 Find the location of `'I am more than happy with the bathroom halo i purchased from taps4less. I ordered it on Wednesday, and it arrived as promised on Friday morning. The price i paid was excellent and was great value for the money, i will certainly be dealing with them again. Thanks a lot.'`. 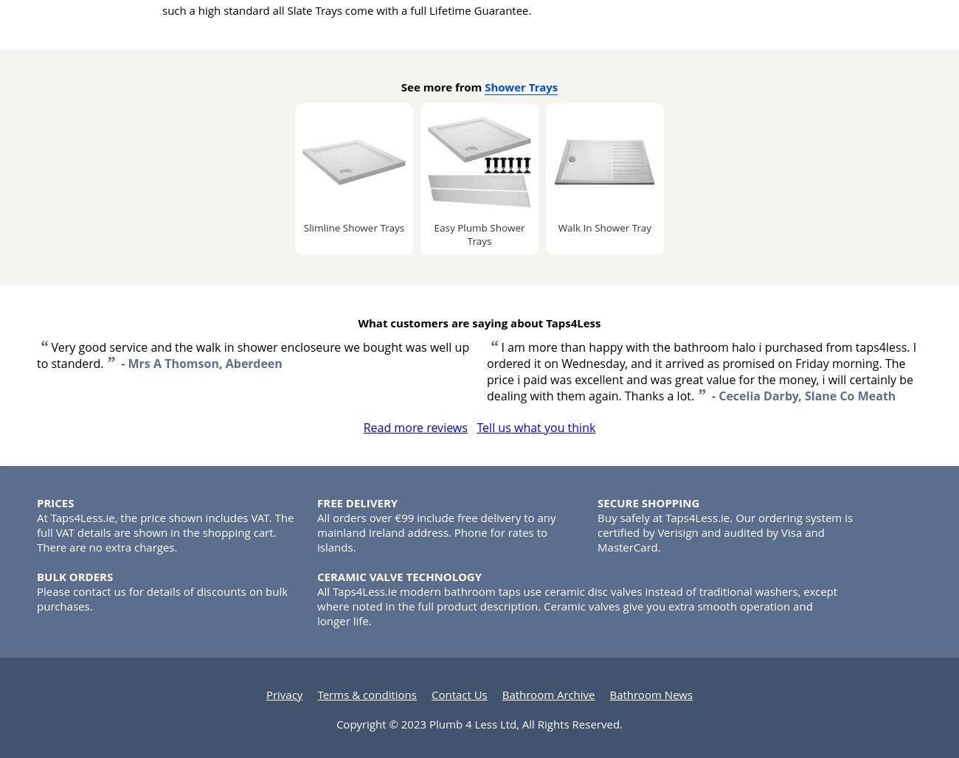

'I am more than happy with the bathroom halo i purchased from taps4less. I ordered it on Wednesday, and it arrived as promised on Friday morning. The price i paid was excellent and was great value for the money, i will certainly be dealing with them again. Thanks a lot.' is located at coordinates (701, 371).